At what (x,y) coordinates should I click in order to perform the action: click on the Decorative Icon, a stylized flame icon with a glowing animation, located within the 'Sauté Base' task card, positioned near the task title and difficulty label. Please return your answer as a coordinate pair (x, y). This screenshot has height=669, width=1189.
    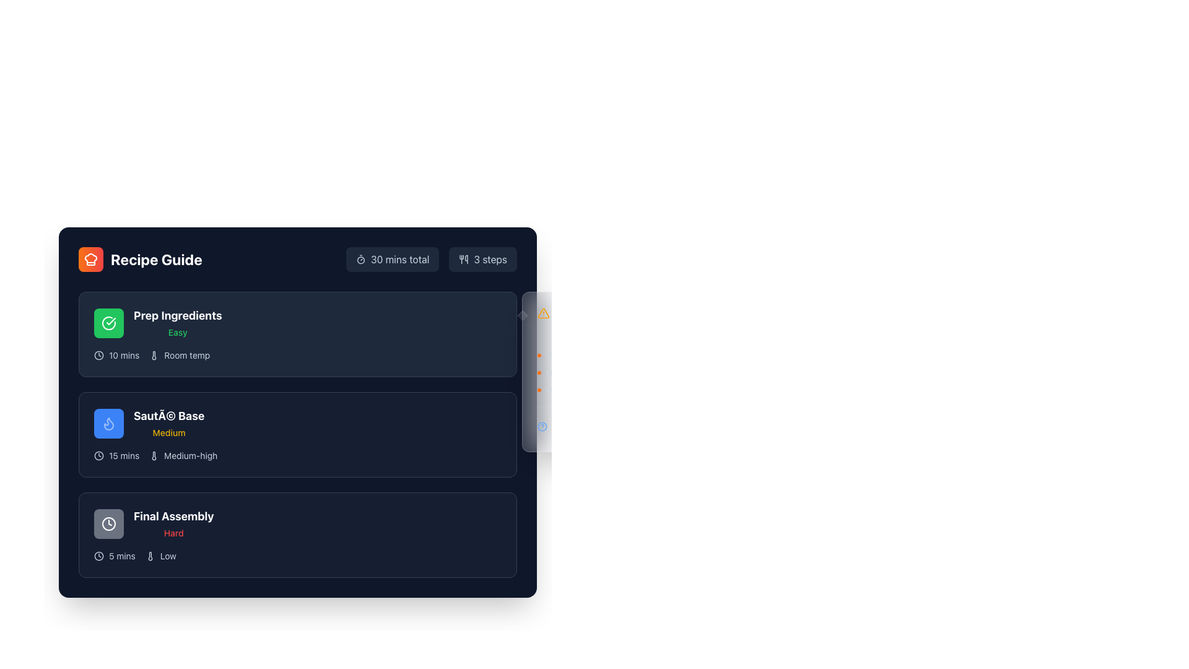
    Looking at the image, I should click on (109, 423).